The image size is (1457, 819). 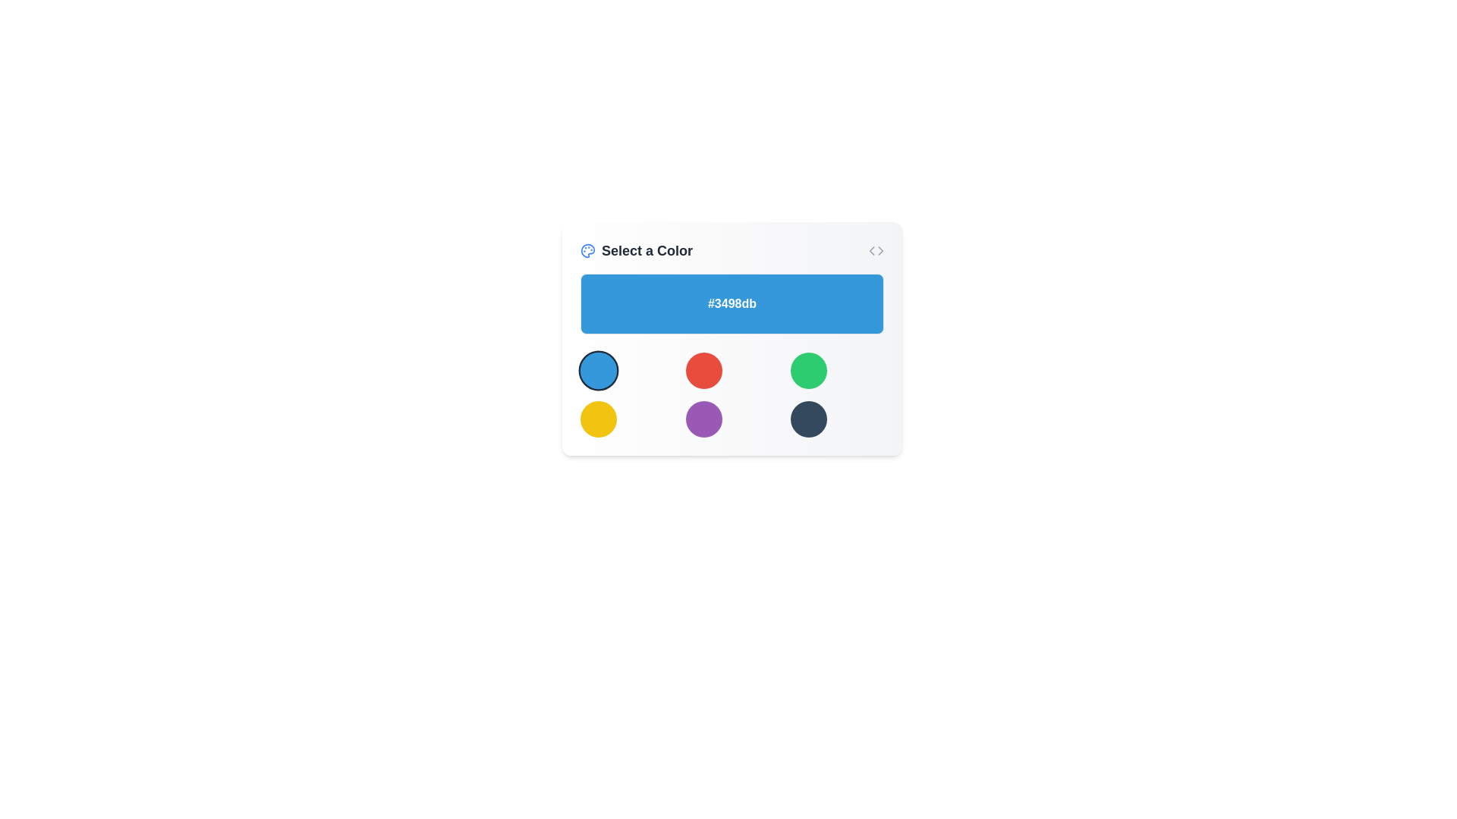 What do you see at coordinates (732, 338) in the screenshot?
I see `the color code element within the Interactive color selection widget located beneath the title 'Select a Color'` at bounding box center [732, 338].